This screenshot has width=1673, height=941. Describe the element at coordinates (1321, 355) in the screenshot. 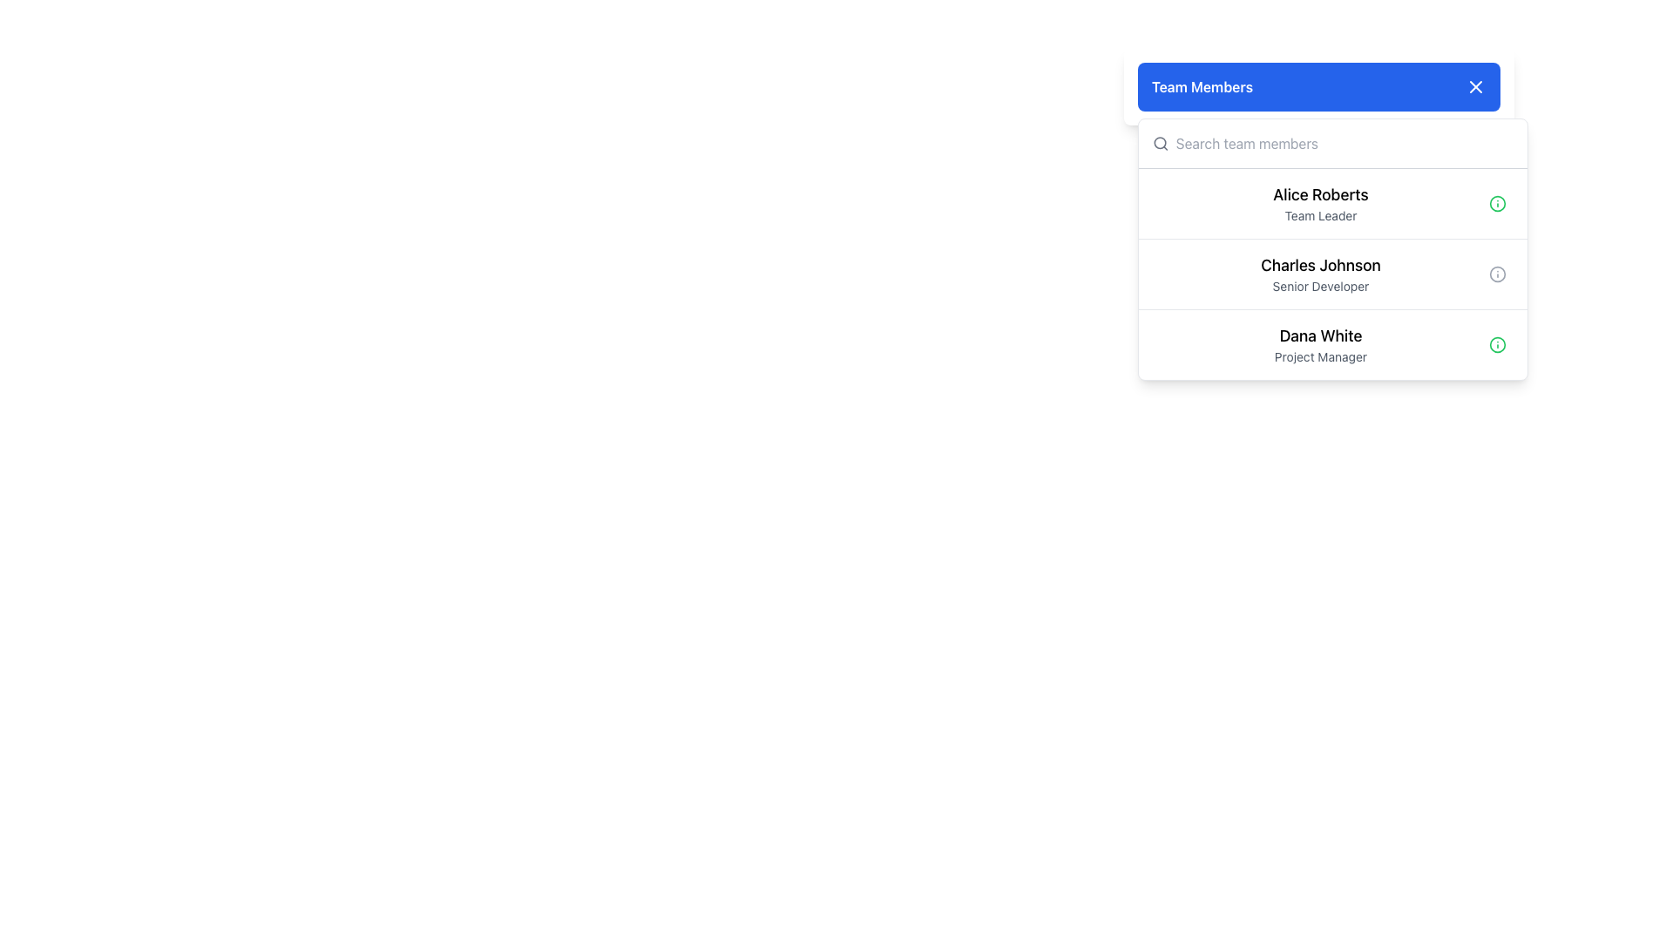

I see `the text label that serves as a descriptor for 'Dana White', located centrally below the name within the 'Team Members' dropdown panel` at that location.